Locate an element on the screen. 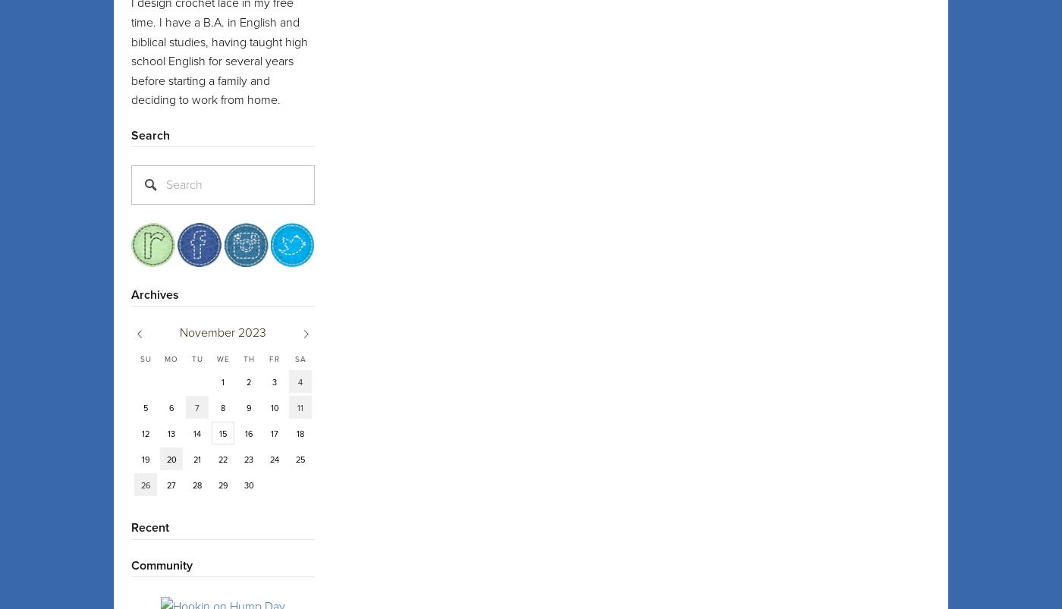 The width and height of the screenshot is (1062, 609). '12' is located at coordinates (145, 433).